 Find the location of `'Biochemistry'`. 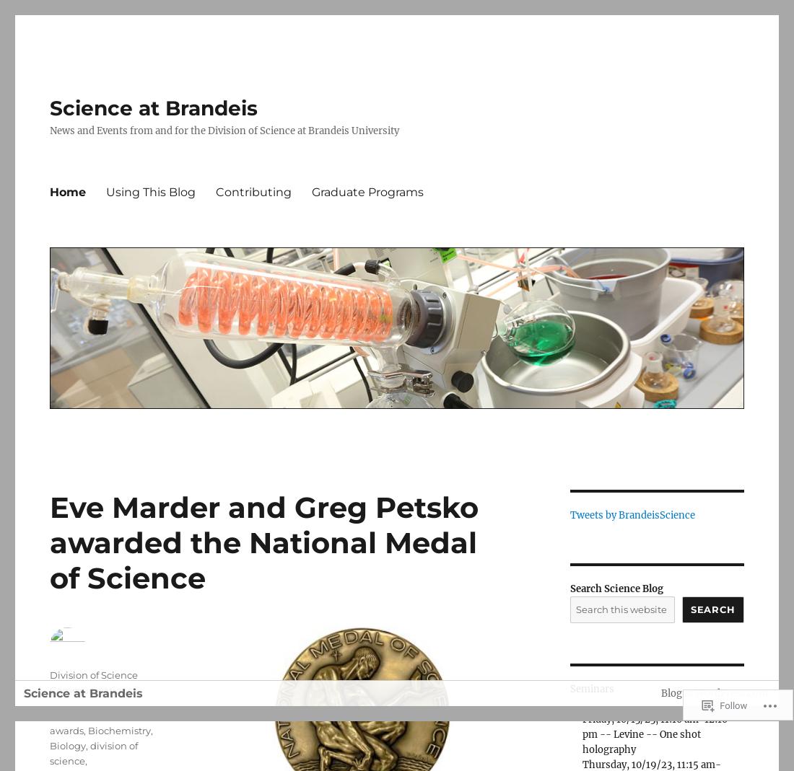

'Biochemistry' is located at coordinates (118, 730).